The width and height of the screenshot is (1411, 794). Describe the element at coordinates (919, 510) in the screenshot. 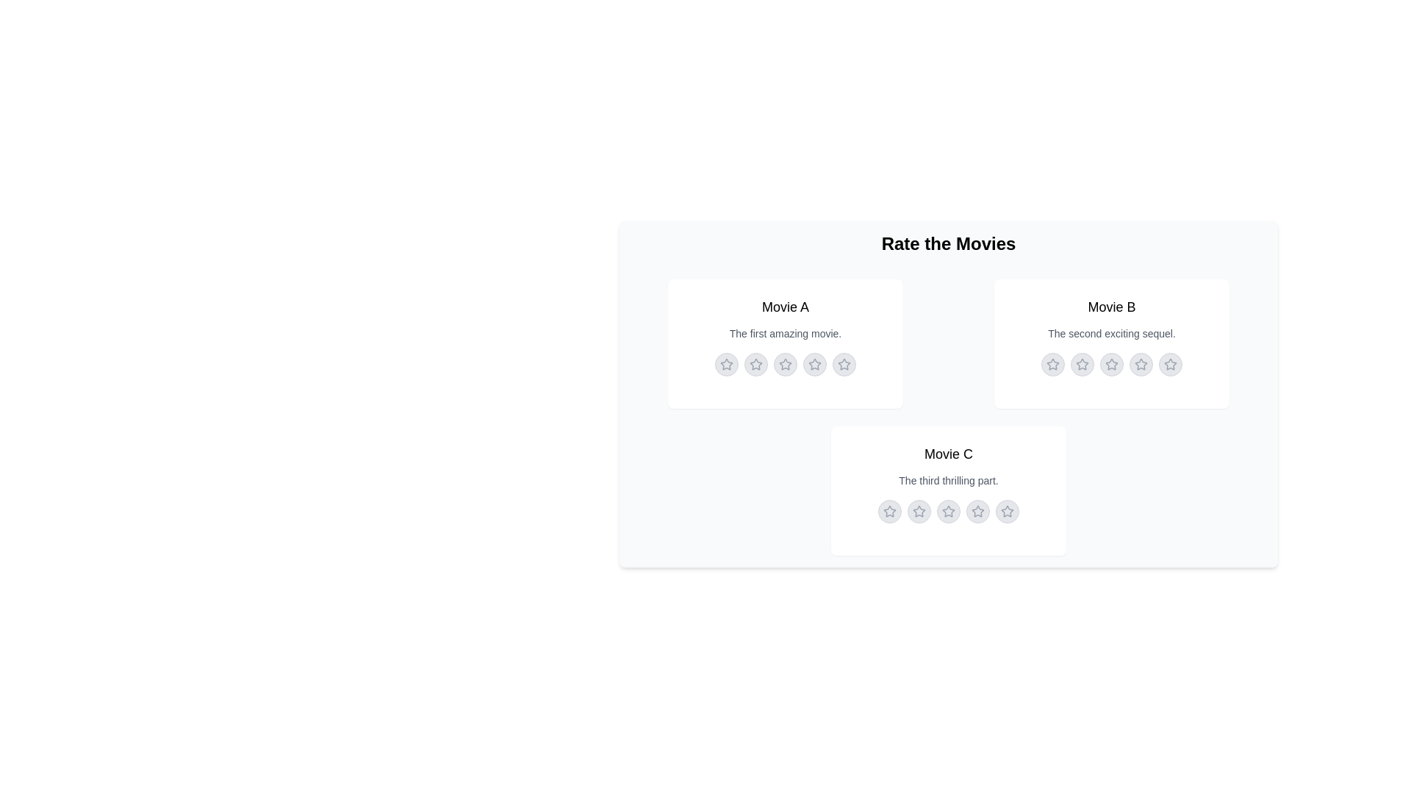

I see `the second circular star button with a light gray background and star icon` at that location.